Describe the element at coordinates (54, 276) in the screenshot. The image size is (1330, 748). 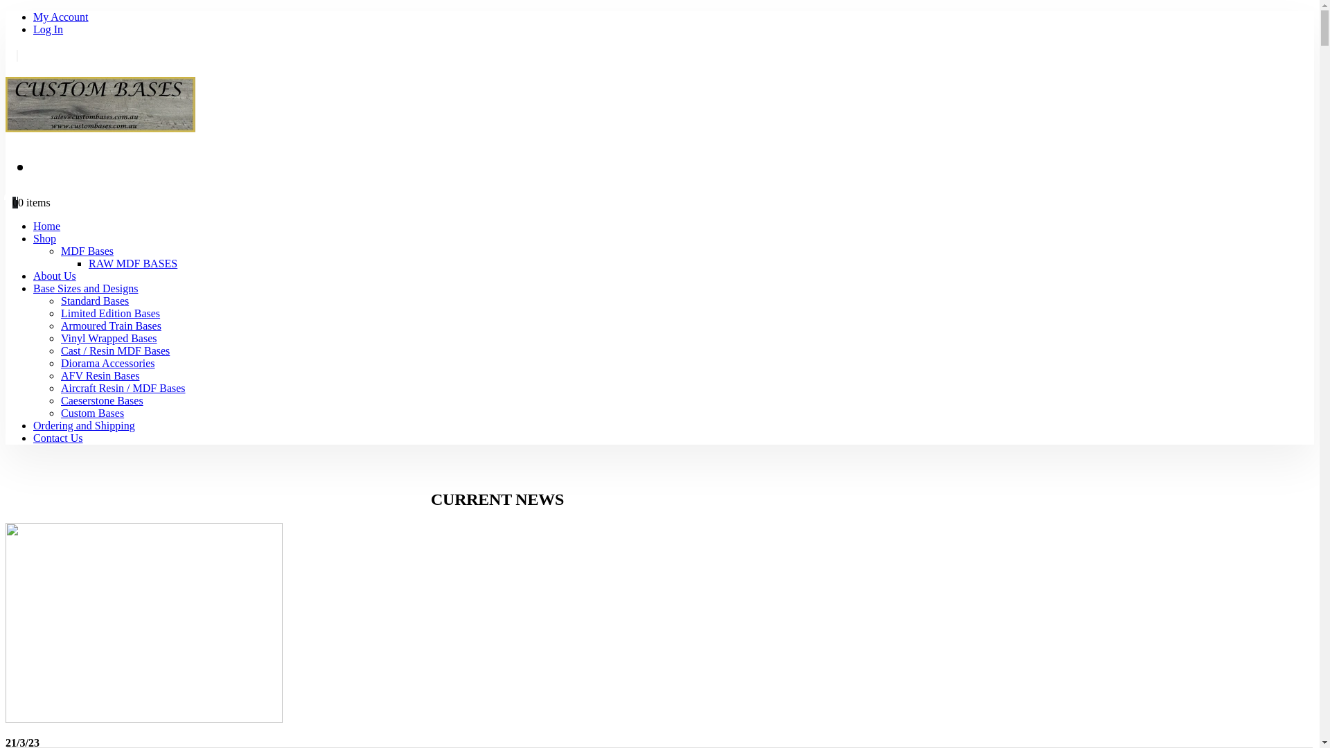
I see `'About Us'` at that location.